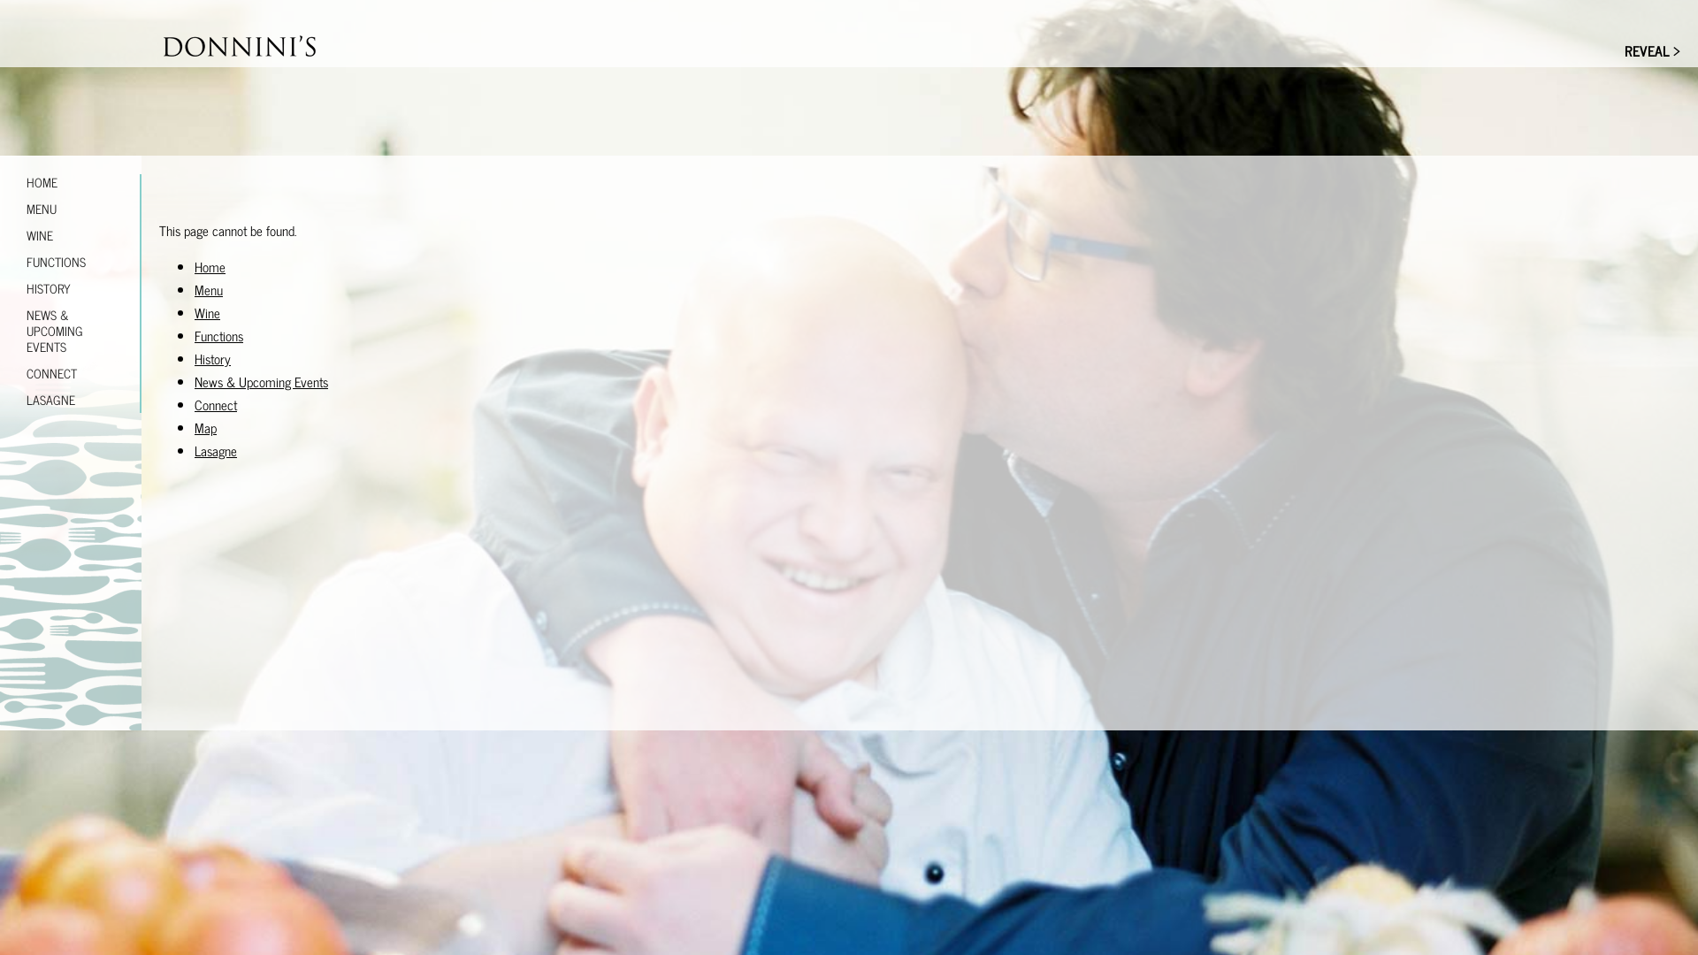 Image resolution: width=1698 pixels, height=955 pixels. Describe the element at coordinates (71, 331) in the screenshot. I see `'NEWS & UPCOMING EVENTS'` at that location.